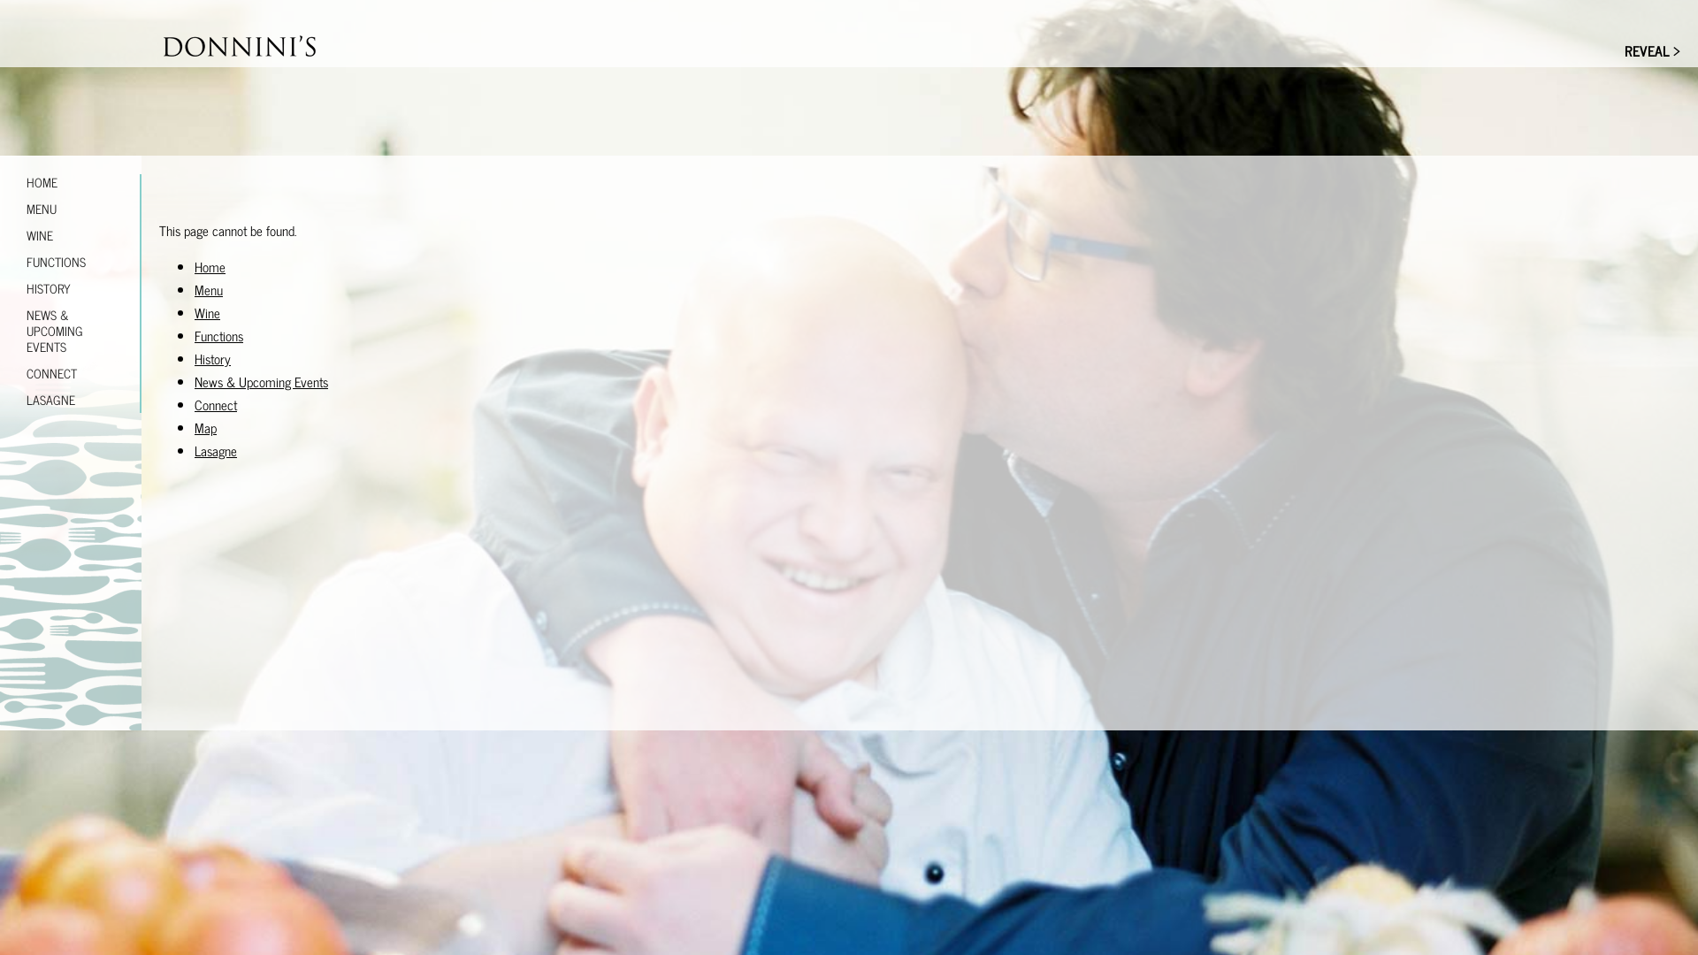 Image resolution: width=1698 pixels, height=955 pixels. Describe the element at coordinates (71, 331) in the screenshot. I see `'NEWS & UPCOMING EVENTS'` at that location.